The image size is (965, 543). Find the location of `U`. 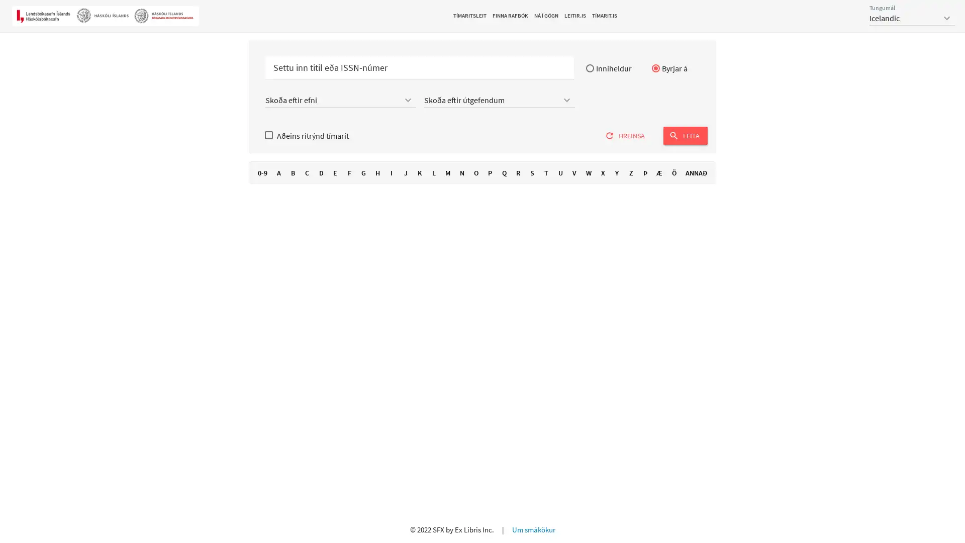

U is located at coordinates (559, 172).